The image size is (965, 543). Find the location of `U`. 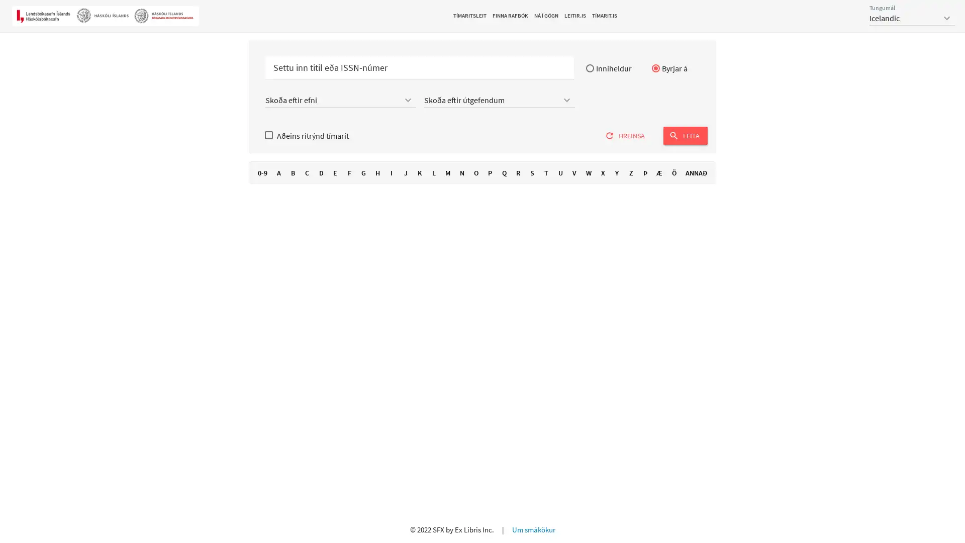

U is located at coordinates (559, 172).